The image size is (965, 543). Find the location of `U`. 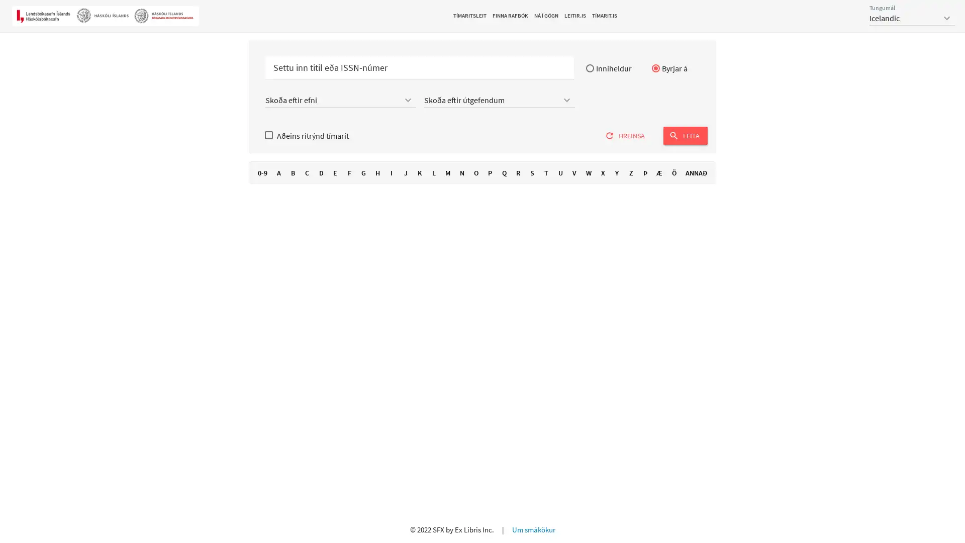

U is located at coordinates (559, 172).